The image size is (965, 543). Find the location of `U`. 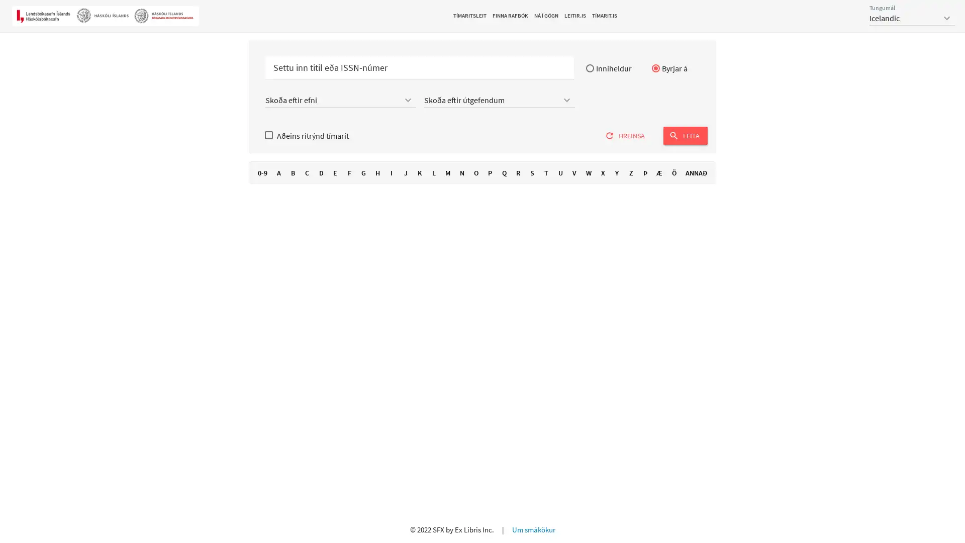

U is located at coordinates (559, 172).